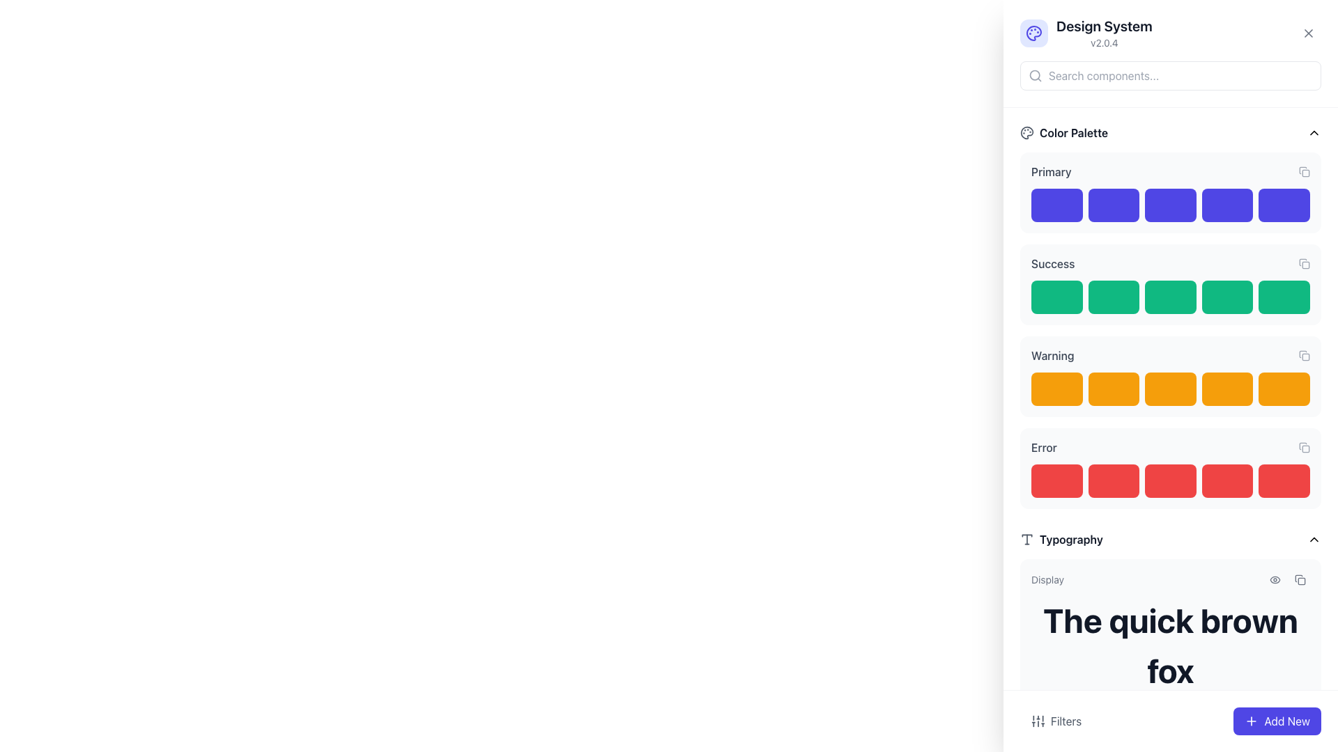 The image size is (1338, 752). What do you see at coordinates (1275, 737) in the screenshot?
I see `the minimalistic gray eye icon located in the Typography section of the UX design system interface, adjacent to the text example 'The quick brown fox'` at bounding box center [1275, 737].